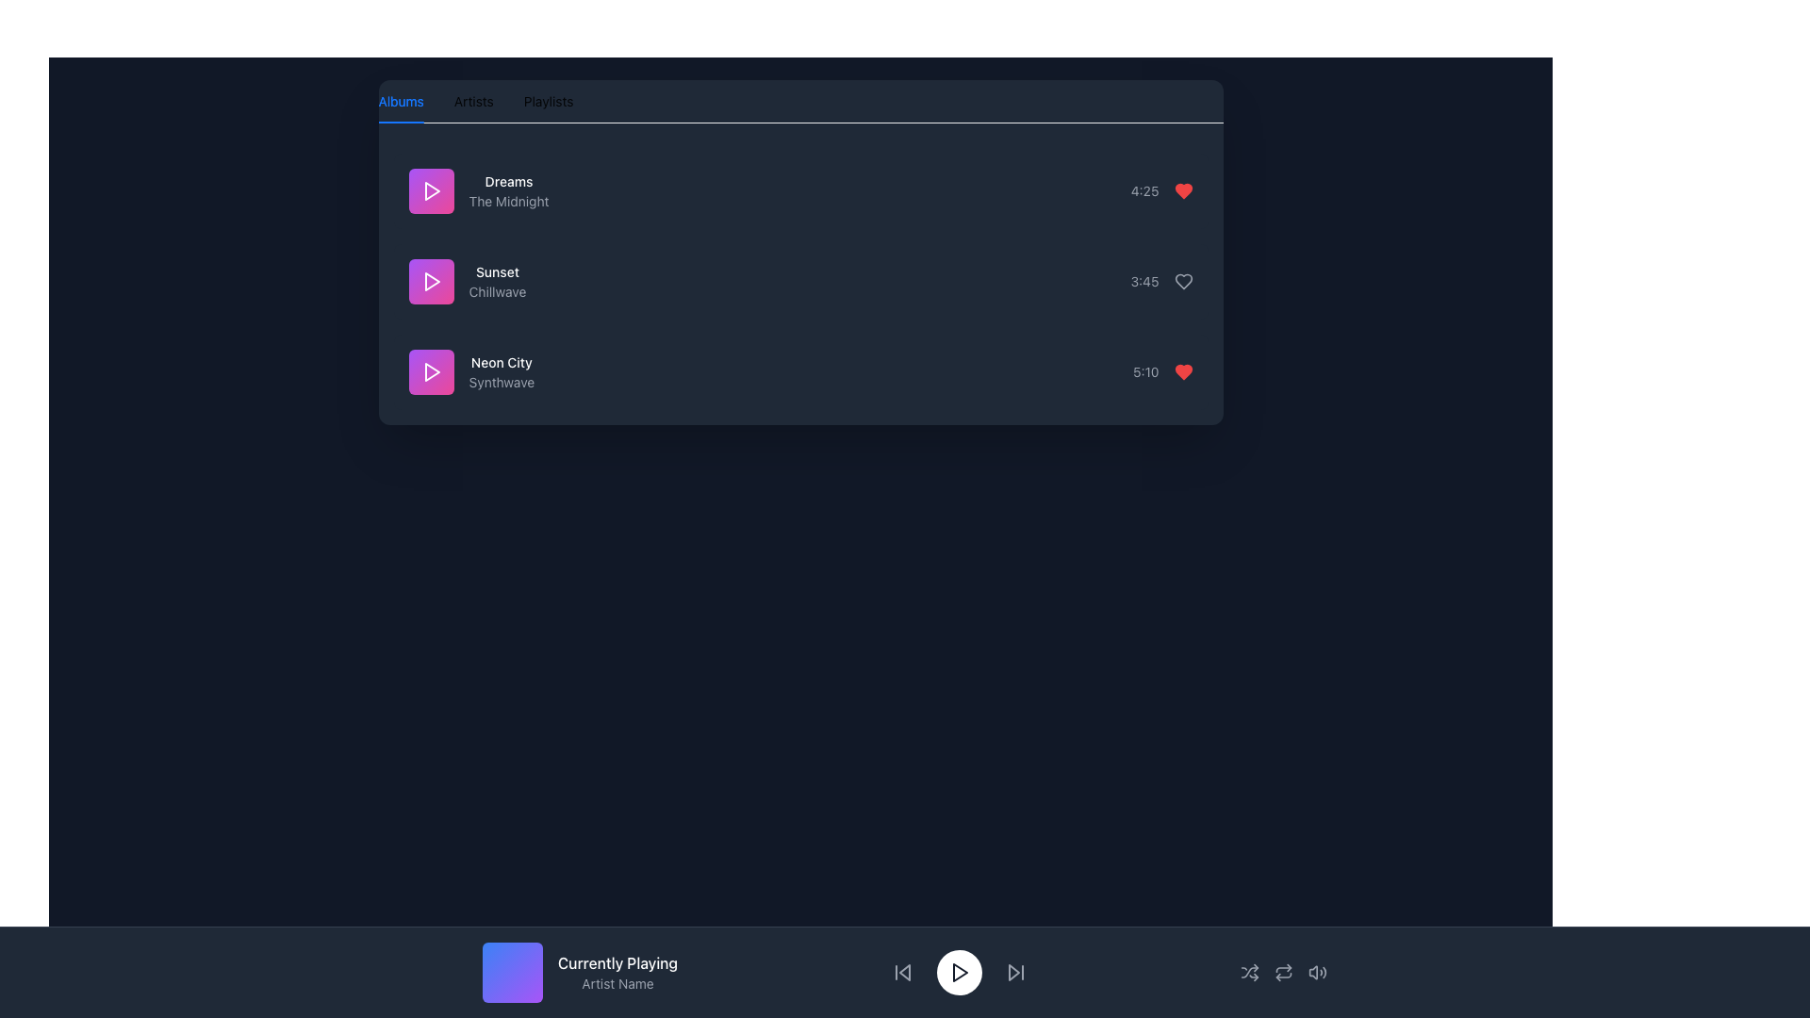  Describe the element at coordinates (617, 963) in the screenshot. I see `the 'Currently Playing' static text label, which indicates the currently playing track in the footer section of the interface` at that location.